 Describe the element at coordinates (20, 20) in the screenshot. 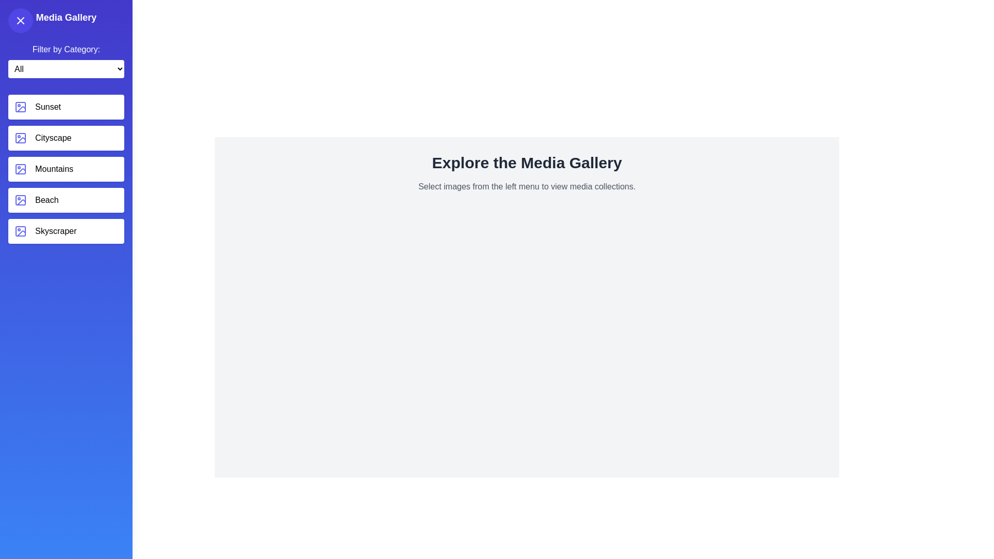

I see `toggle button to change the visibility of the MediaGalleryDrawer` at that location.